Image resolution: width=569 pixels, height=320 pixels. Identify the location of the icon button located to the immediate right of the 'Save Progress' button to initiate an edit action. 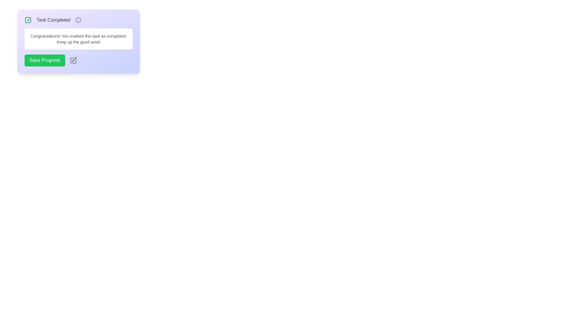
(73, 60).